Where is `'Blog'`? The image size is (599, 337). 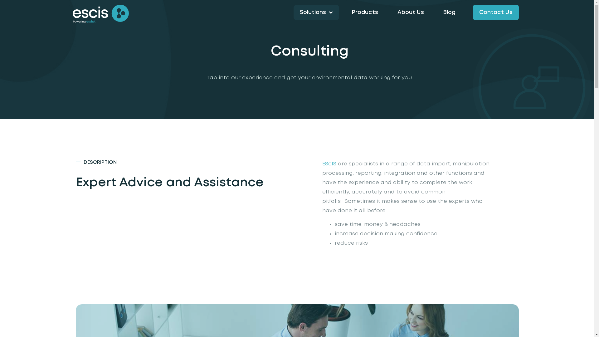
'Blog' is located at coordinates (449, 12).